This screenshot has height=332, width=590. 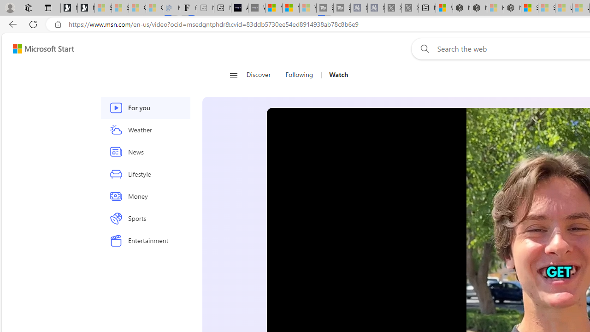 I want to click on 'What', so click(x=256, y=8).